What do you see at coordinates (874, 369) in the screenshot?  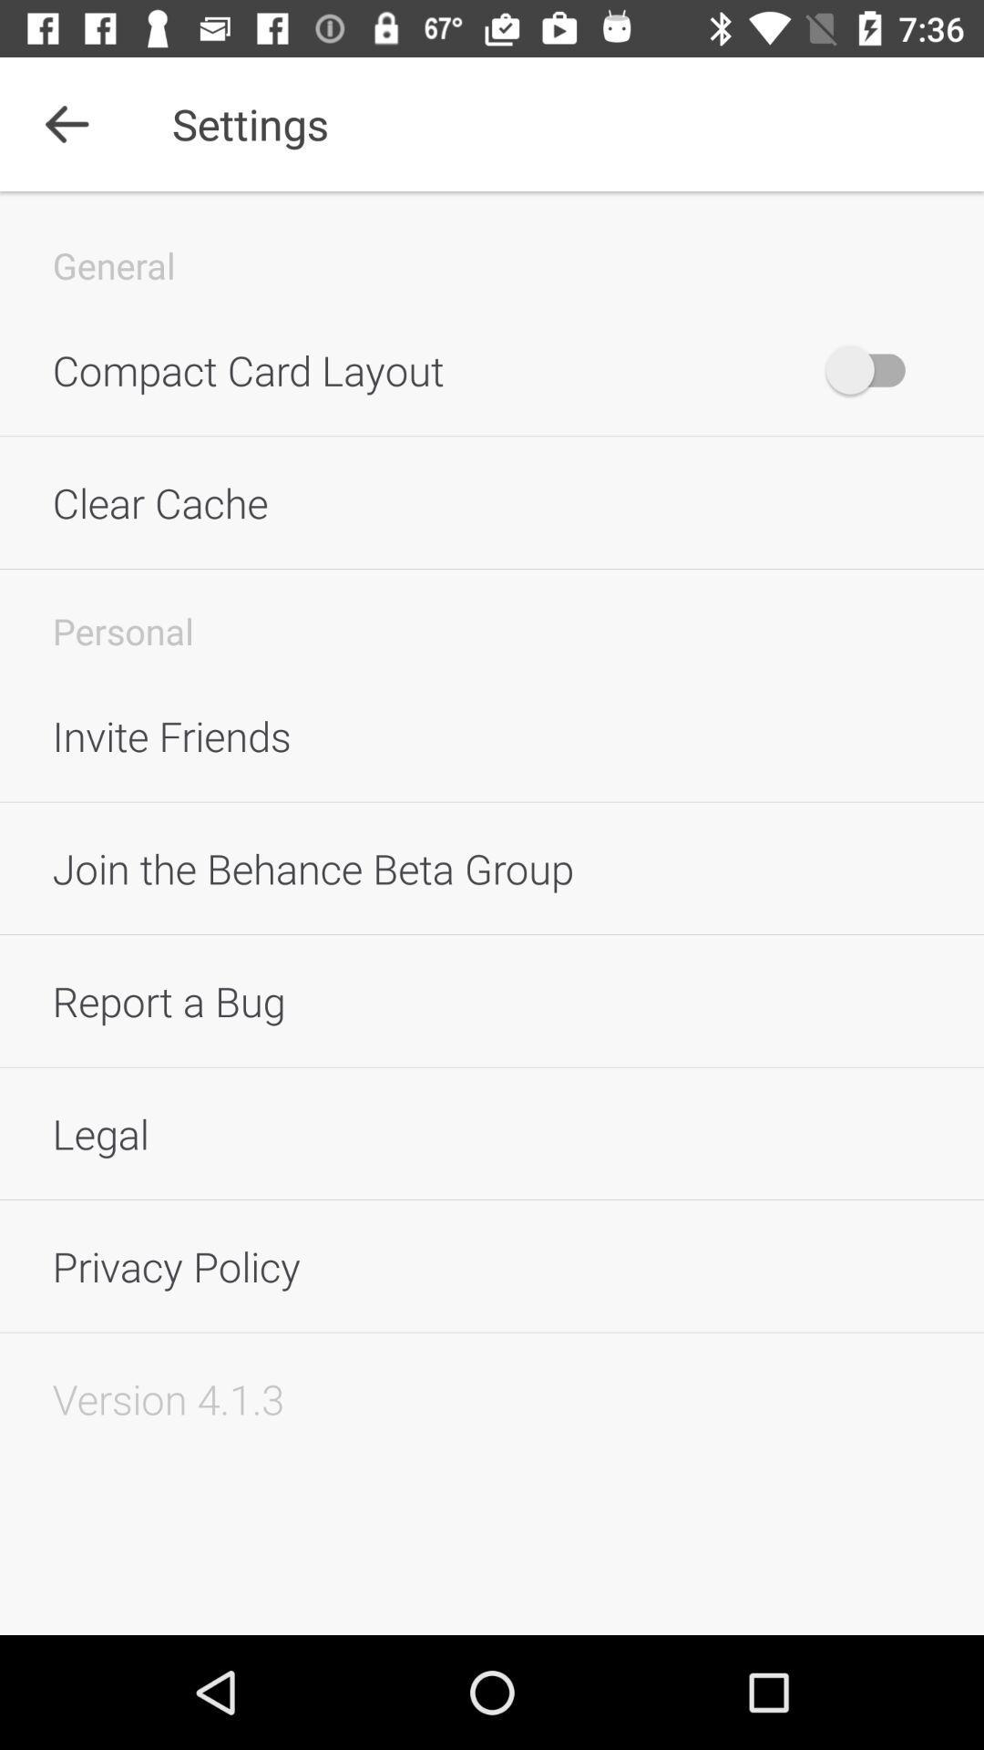 I see `the item next to the compact card layout` at bounding box center [874, 369].